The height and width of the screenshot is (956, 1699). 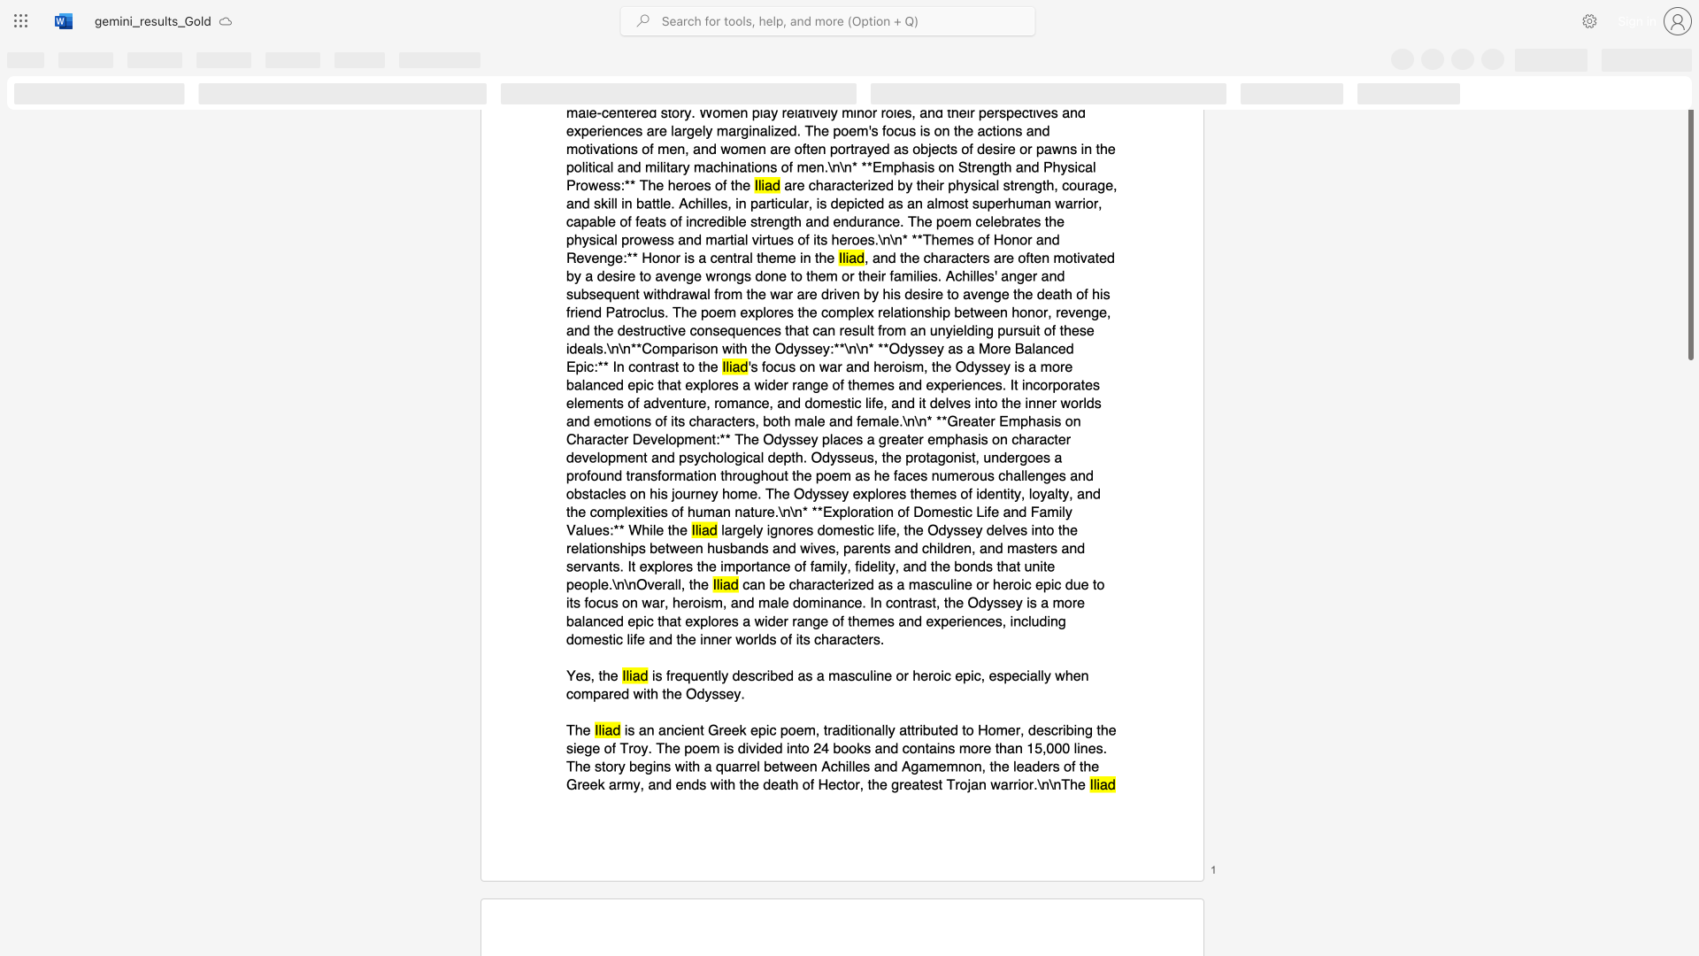 I want to click on the scrollbar and move up 70 pixels, so click(x=1689, y=220).